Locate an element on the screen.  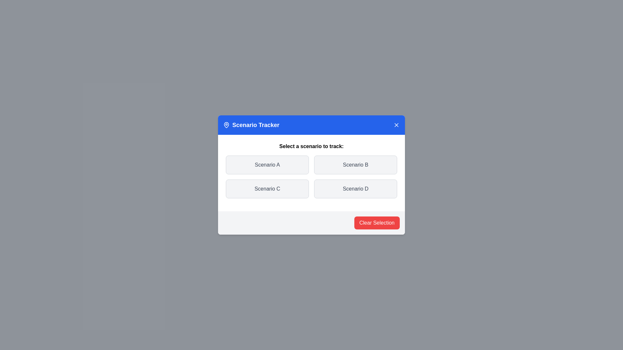
the scenario Scenario A by clicking on its respective button is located at coordinates (267, 165).